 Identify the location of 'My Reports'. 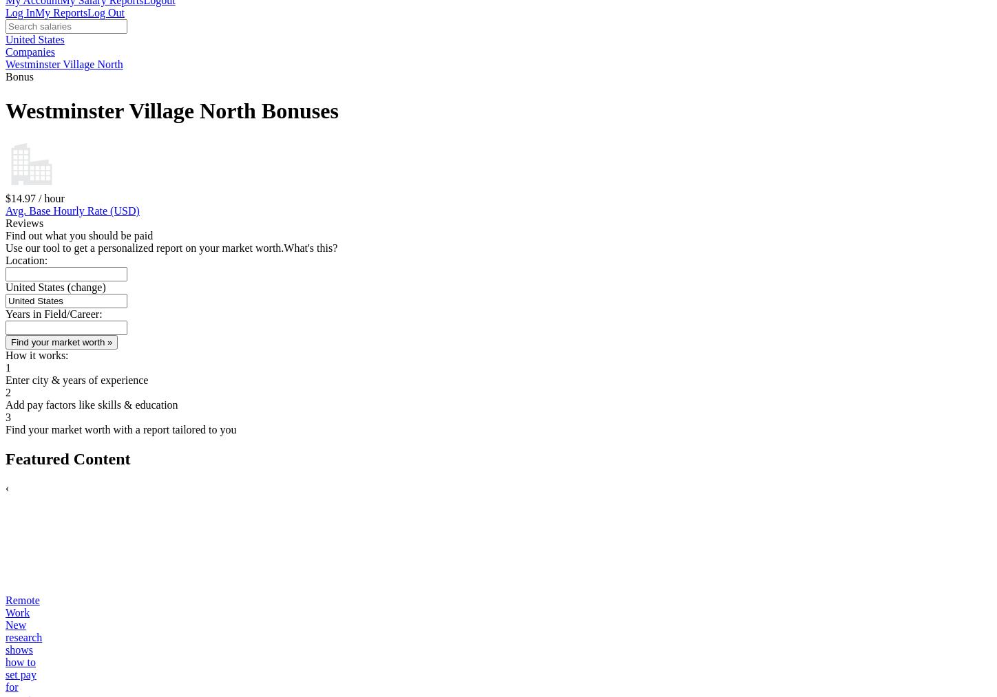
(61, 12).